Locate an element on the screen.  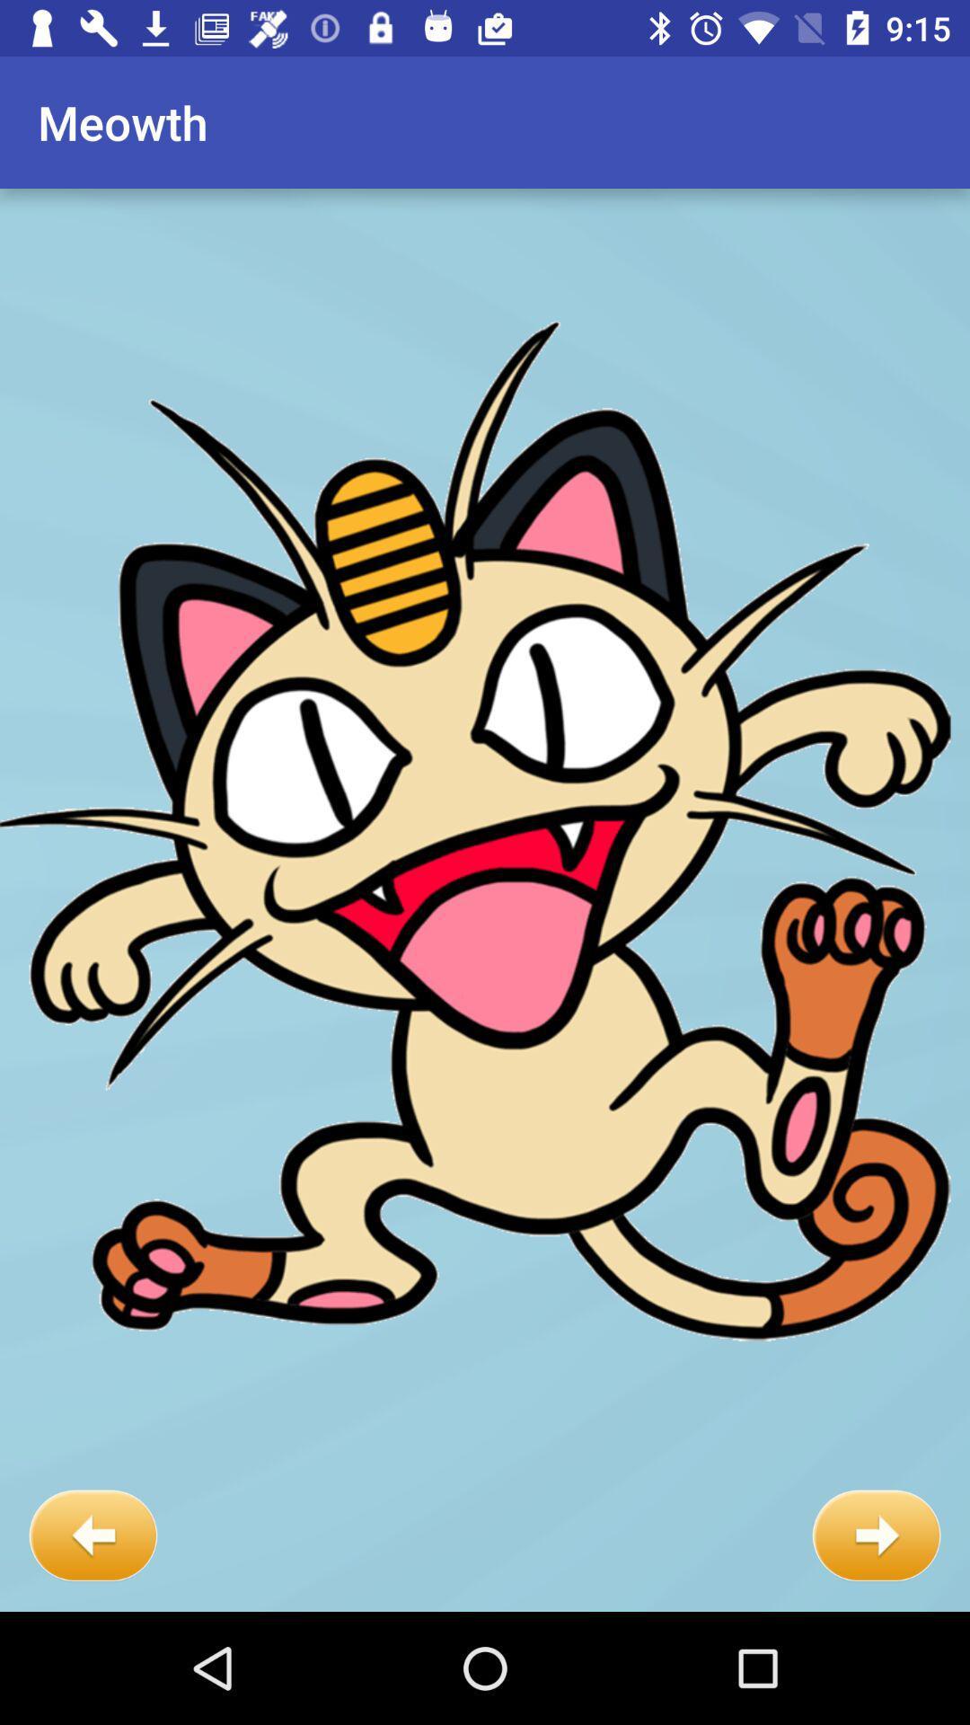
icon at the bottom left corner is located at coordinates (93, 1535).